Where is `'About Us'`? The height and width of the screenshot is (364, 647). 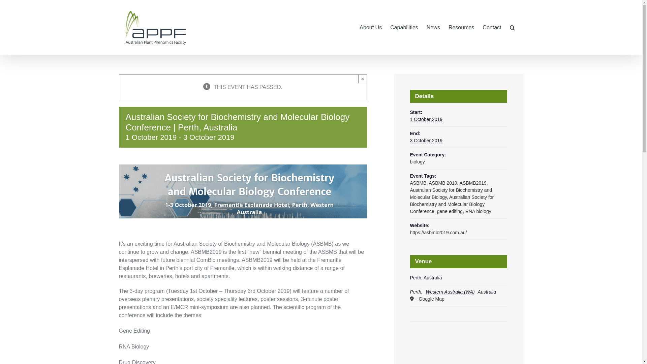 'About Us' is located at coordinates (370, 27).